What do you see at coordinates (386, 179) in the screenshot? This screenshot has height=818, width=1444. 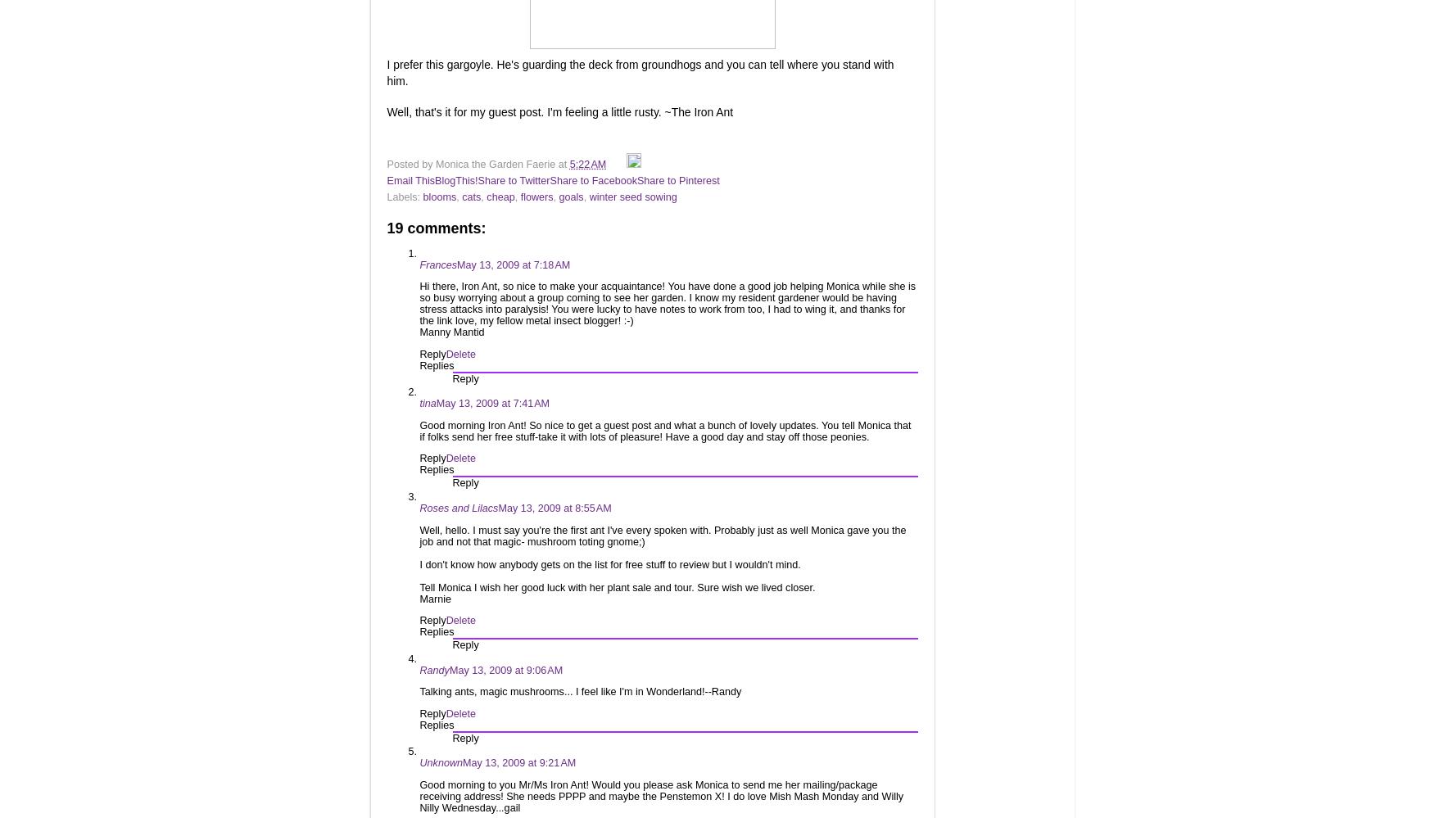 I see `'Email This'` at bounding box center [386, 179].